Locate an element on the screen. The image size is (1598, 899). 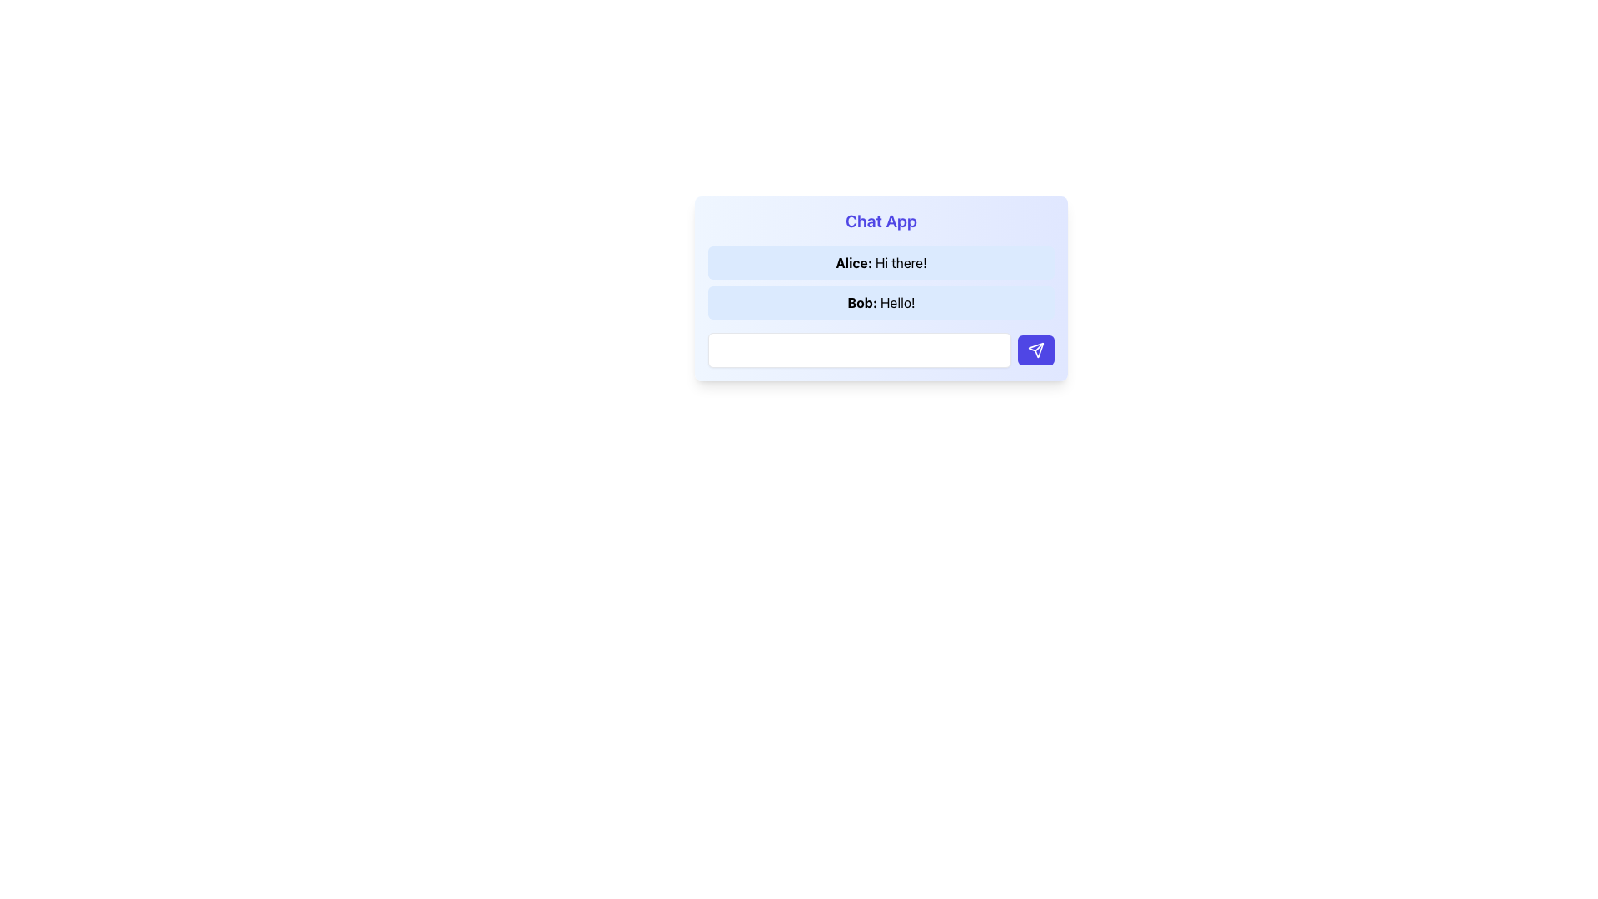
the send message icon located within the blue circular button in the bottom-right corner of the chat interface is located at coordinates (1035, 349).